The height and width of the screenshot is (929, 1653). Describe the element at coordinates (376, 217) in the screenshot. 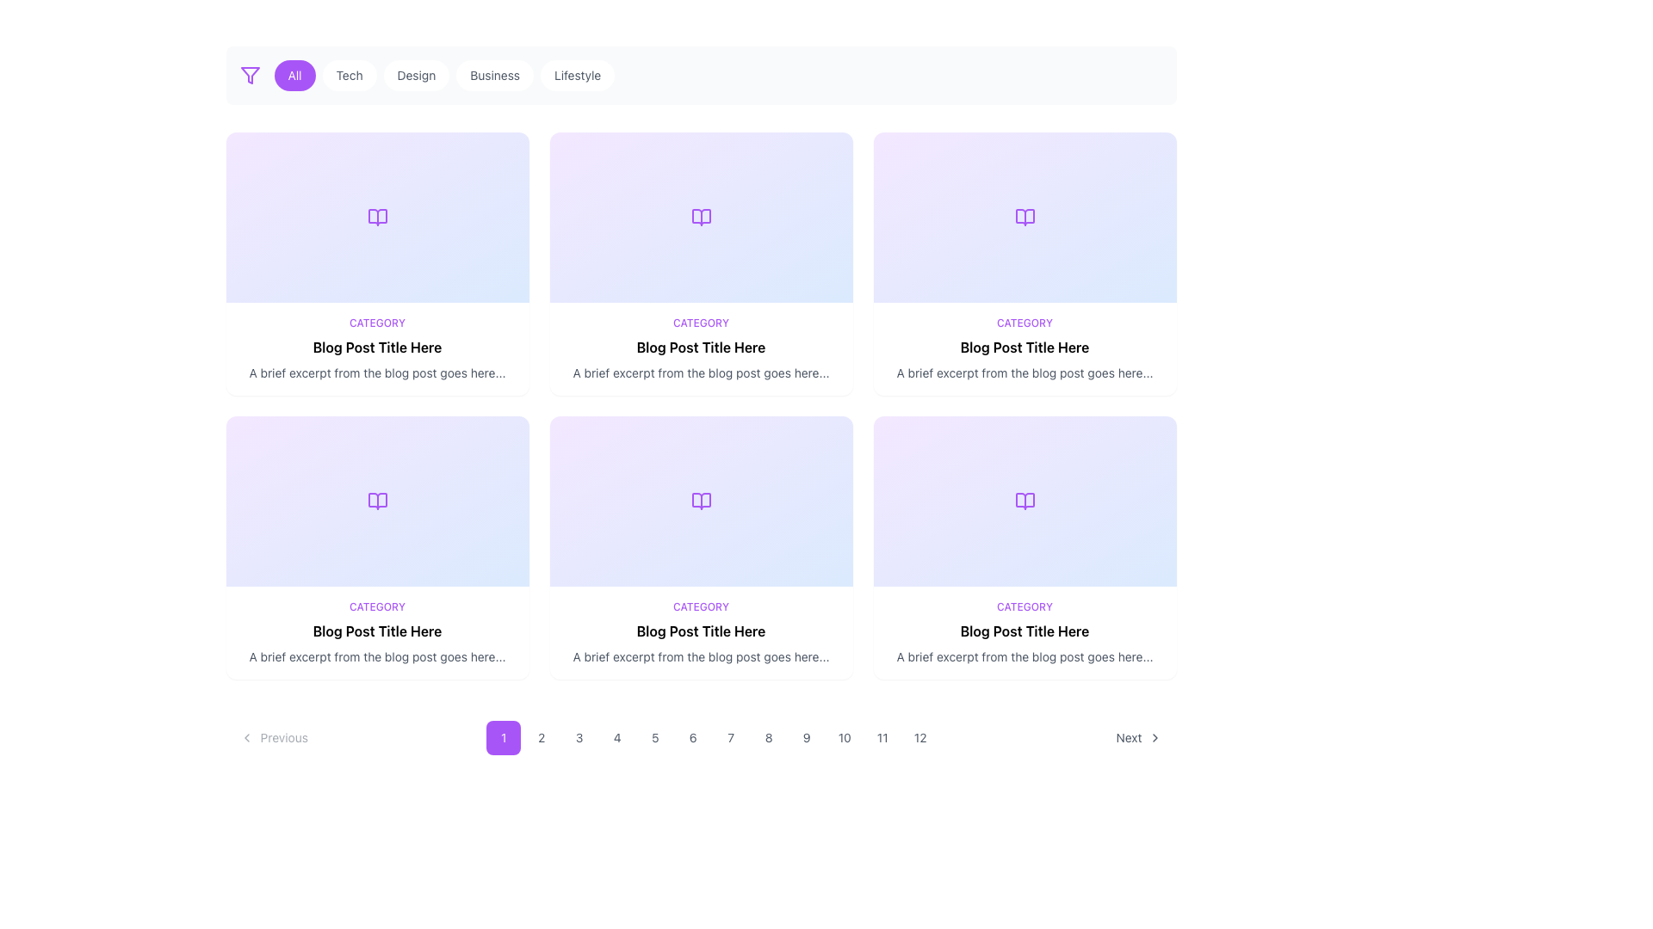

I see `the decorative SVG book icon that is centrally located within the first card of a grid layout on the webpage` at that location.